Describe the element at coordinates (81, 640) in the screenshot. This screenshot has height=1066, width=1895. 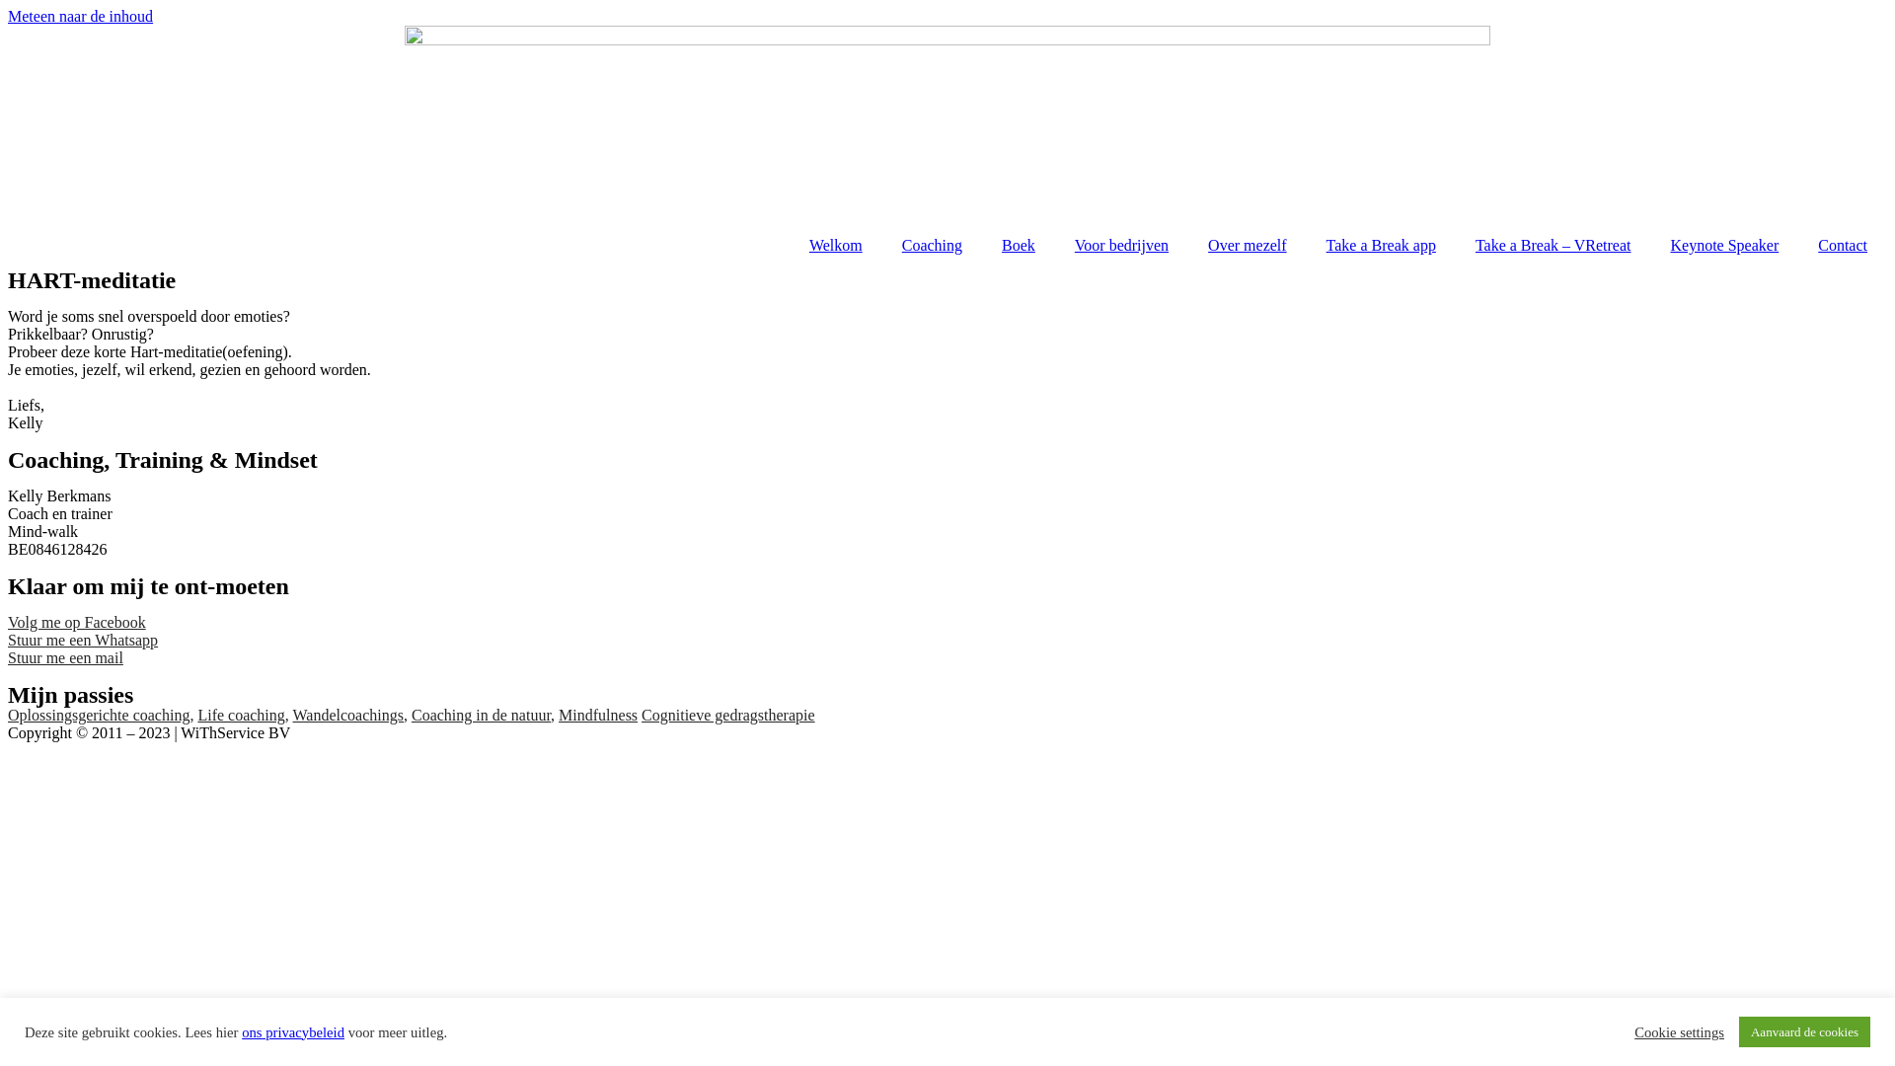
I see `'Stuur me een Whatsapp'` at that location.